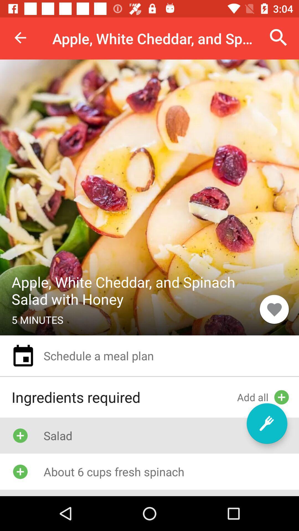  What do you see at coordinates (274, 309) in the screenshot?
I see `the icon on the right` at bounding box center [274, 309].